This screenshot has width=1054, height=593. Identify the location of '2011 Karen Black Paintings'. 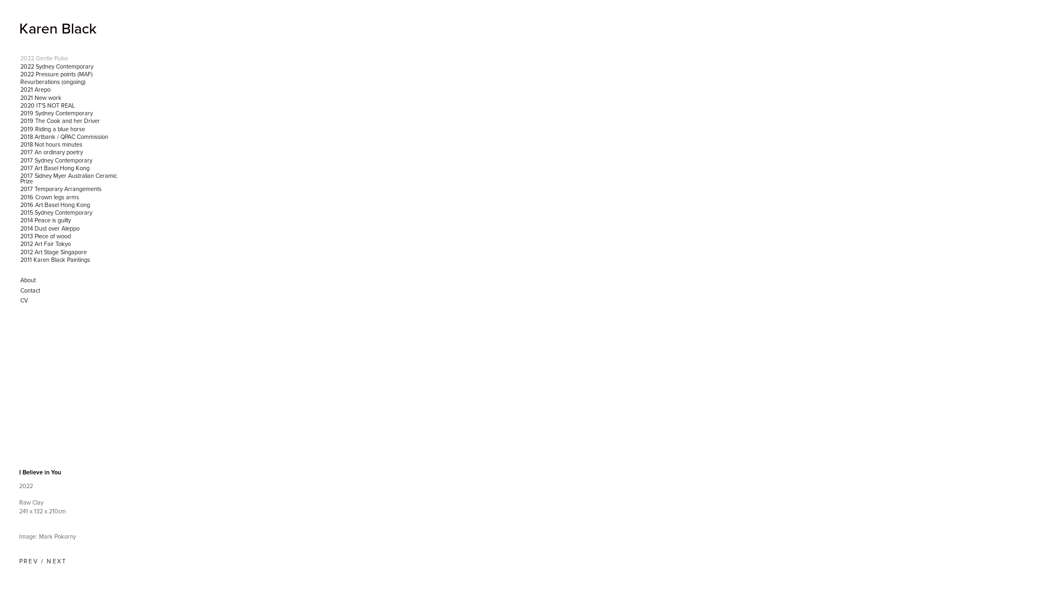
(19, 260).